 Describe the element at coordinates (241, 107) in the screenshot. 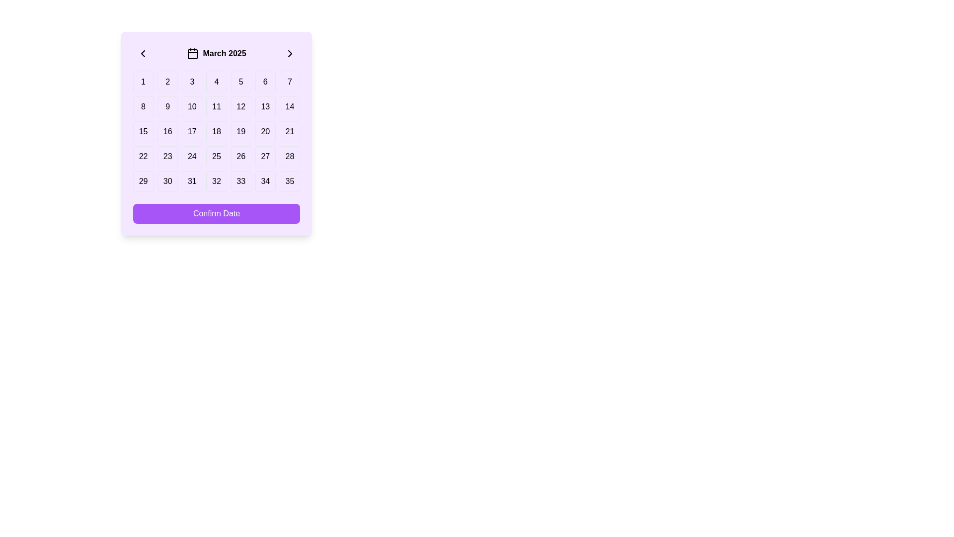

I see `the square button with a rounded border that contains the text '12'` at that location.